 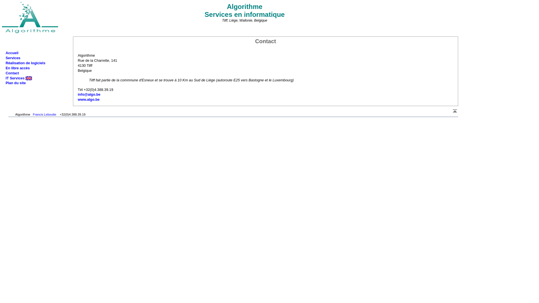 What do you see at coordinates (19, 78) in the screenshot?
I see `'IT Services '` at bounding box center [19, 78].